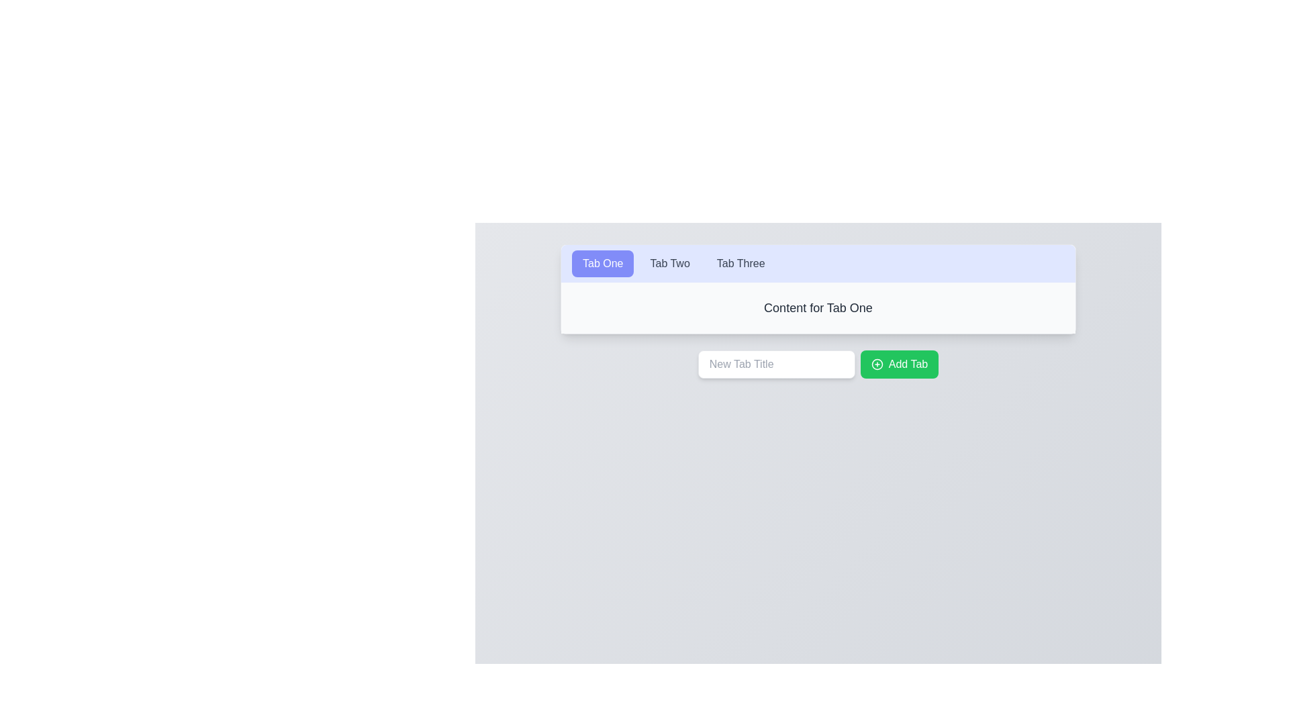 This screenshot has width=1289, height=725. I want to click on the input field to focus it for editing, so click(776, 365).